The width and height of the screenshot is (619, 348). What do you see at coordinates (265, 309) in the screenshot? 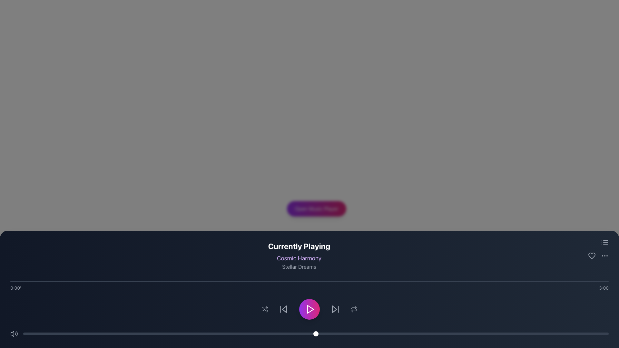
I see `the shuffle control button in the media player` at bounding box center [265, 309].